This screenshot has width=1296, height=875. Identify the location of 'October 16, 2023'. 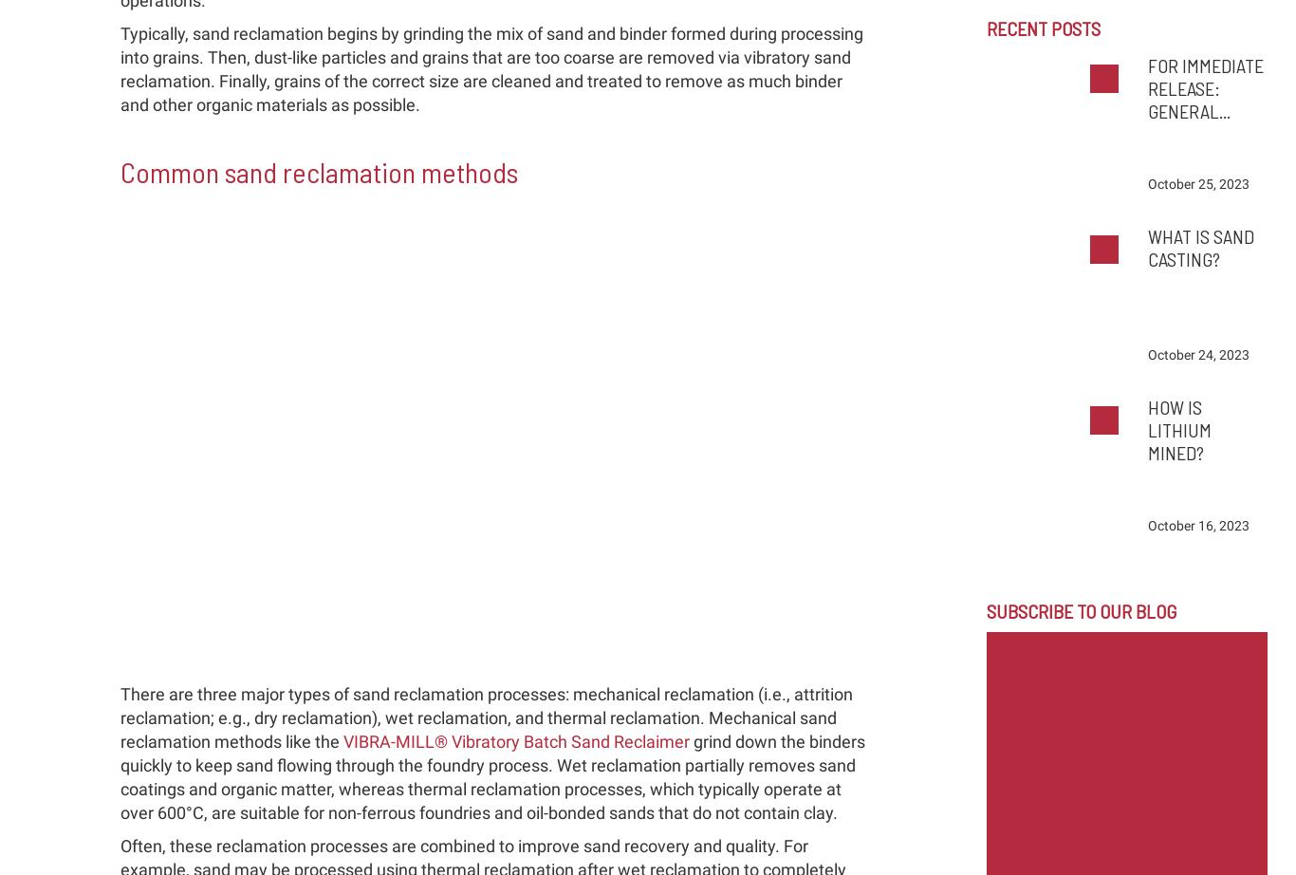
(1147, 526).